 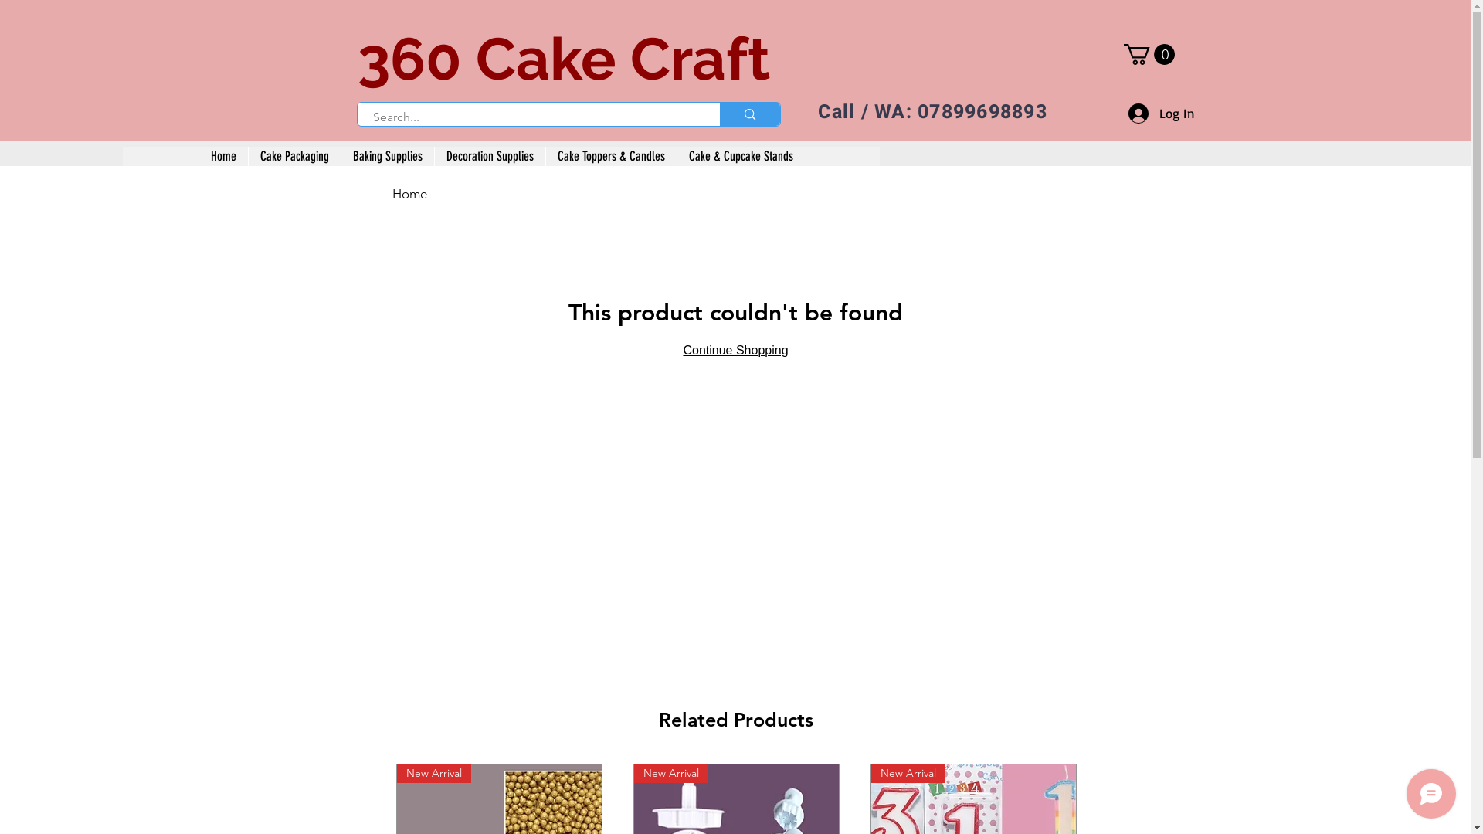 I want to click on '360 Cake Craft', so click(x=562, y=58).